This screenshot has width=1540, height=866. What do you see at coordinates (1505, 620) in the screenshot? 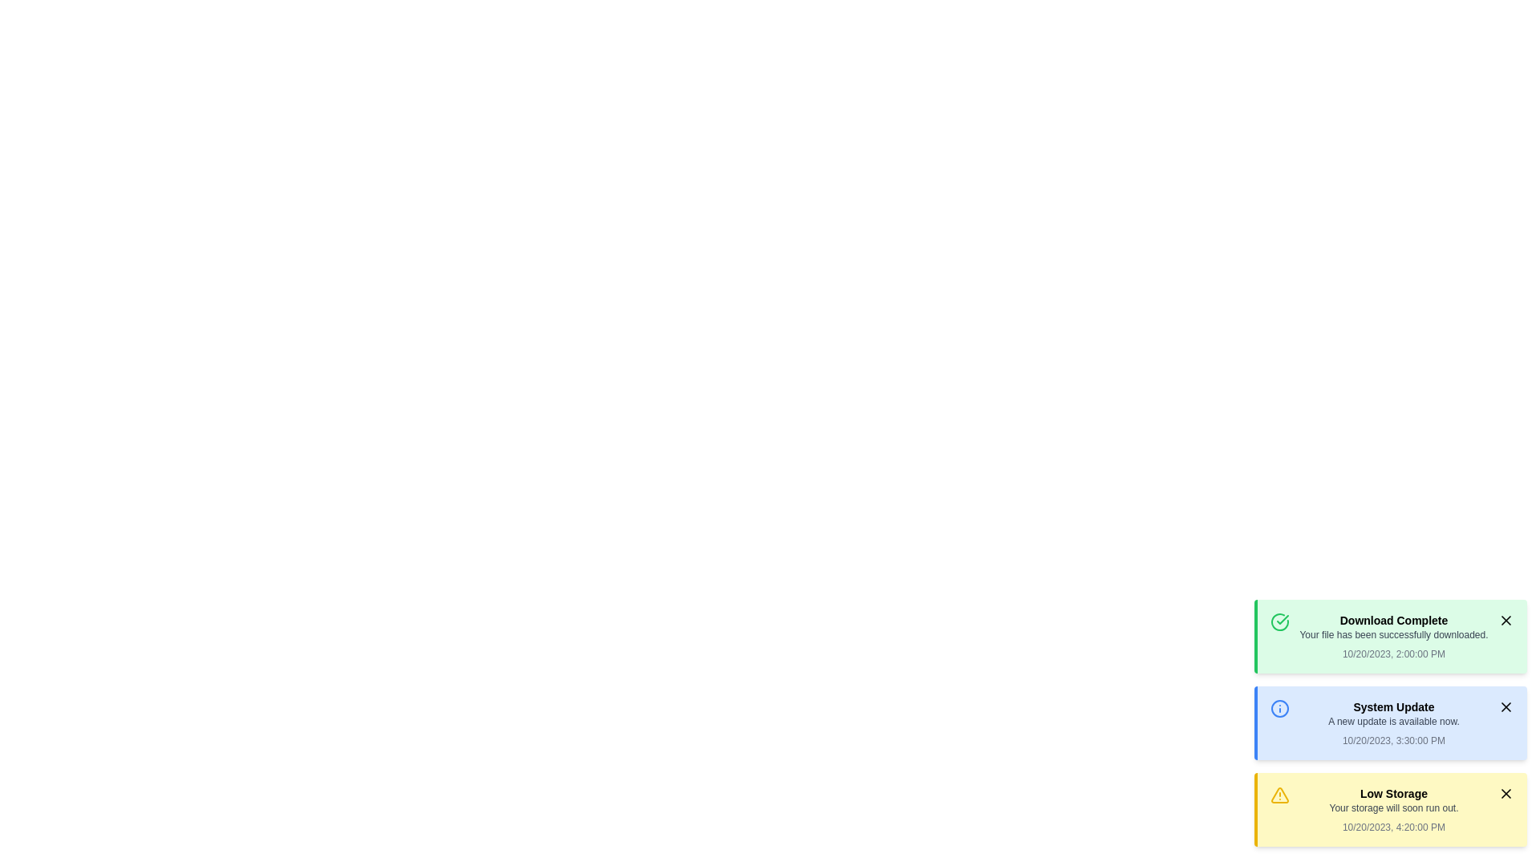
I see `the small black 'X' icon located at the top right corner of the 'Download Complete' notification box` at bounding box center [1505, 620].